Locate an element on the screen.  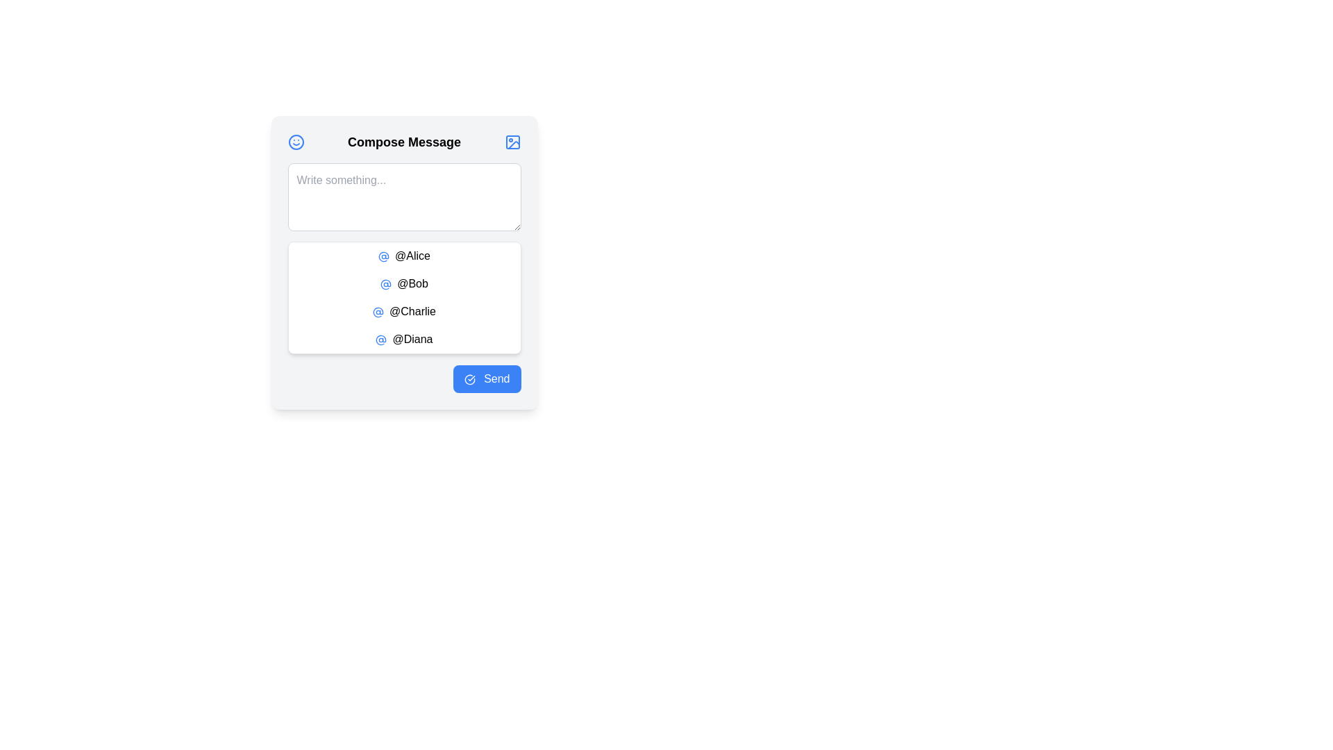
the '@Diana' text button in the vertical list of mention buttons, which has a blue '@' icon and changes color on hover is located at coordinates (403, 340).